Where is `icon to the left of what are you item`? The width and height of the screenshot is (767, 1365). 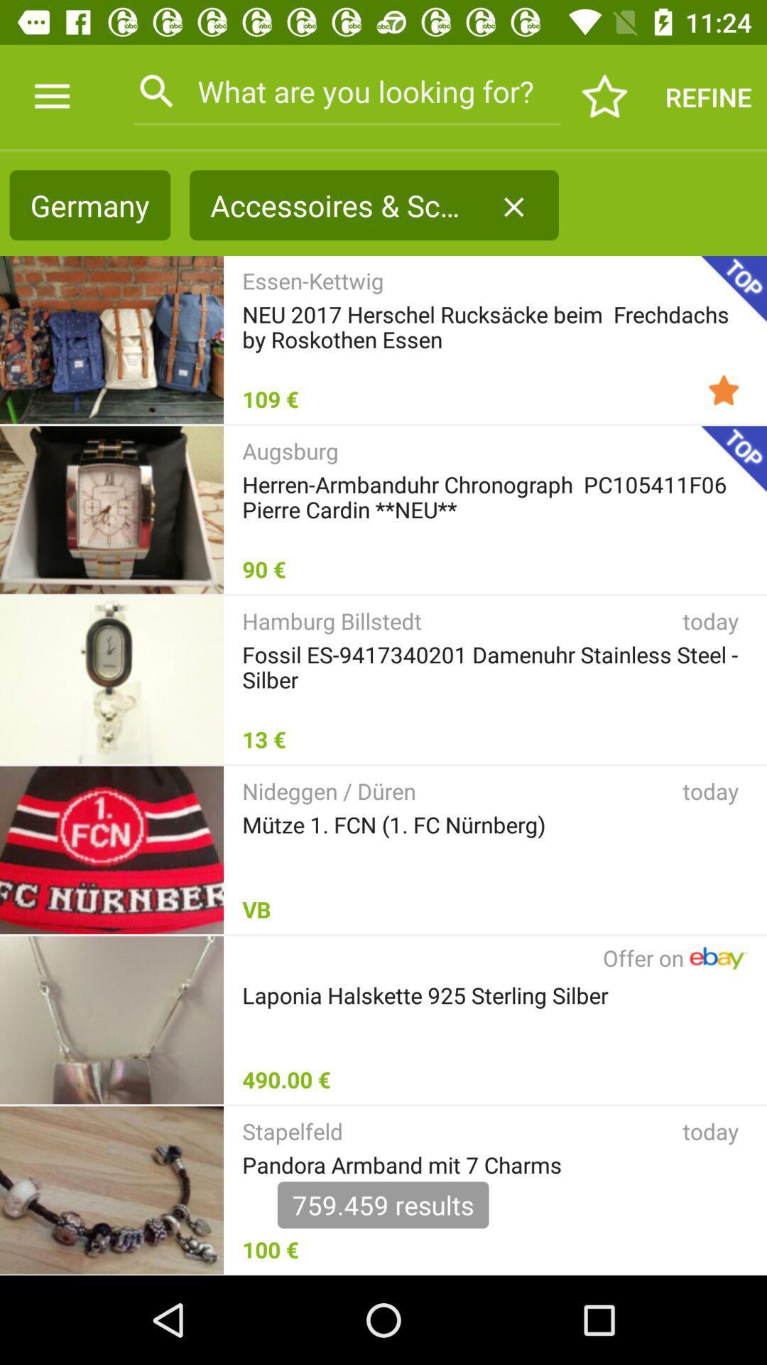 icon to the left of what are you item is located at coordinates (51, 96).